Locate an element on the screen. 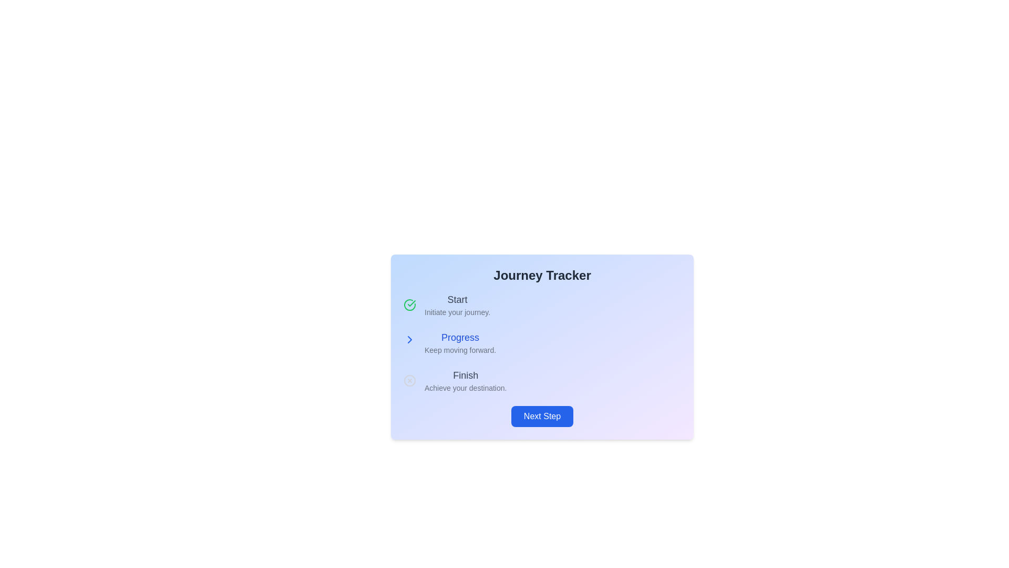 Image resolution: width=1009 pixels, height=568 pixels. the Step indicator element that displays 'Progress' in a large blue font and 'Keep moving forward.' in smaller gray text, positioned beneath the 'Journey Tracker' header is located at coordinates (460, 342).